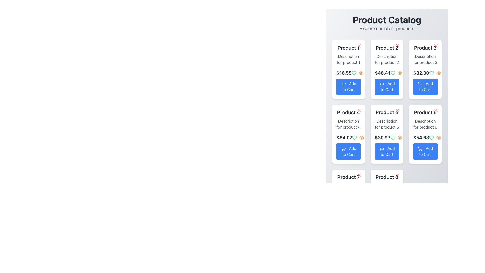 The image size is (485, 273). What do you see at coordinates (397, 46) in the screenshot?
I see `the close button icon located in the upper-right corner of the 'Product 2' card to observe hover effects` at bounding box center [397, 46].